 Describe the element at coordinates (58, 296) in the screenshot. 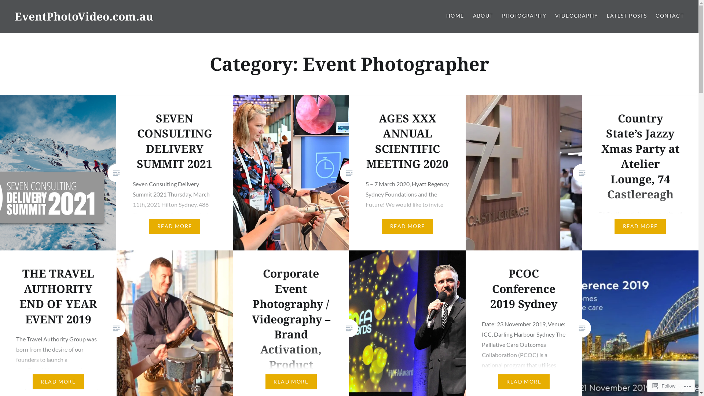

I see `'THE TRAVEL AUTHORITY END OF YEAR EVENT 2019'` at that location.